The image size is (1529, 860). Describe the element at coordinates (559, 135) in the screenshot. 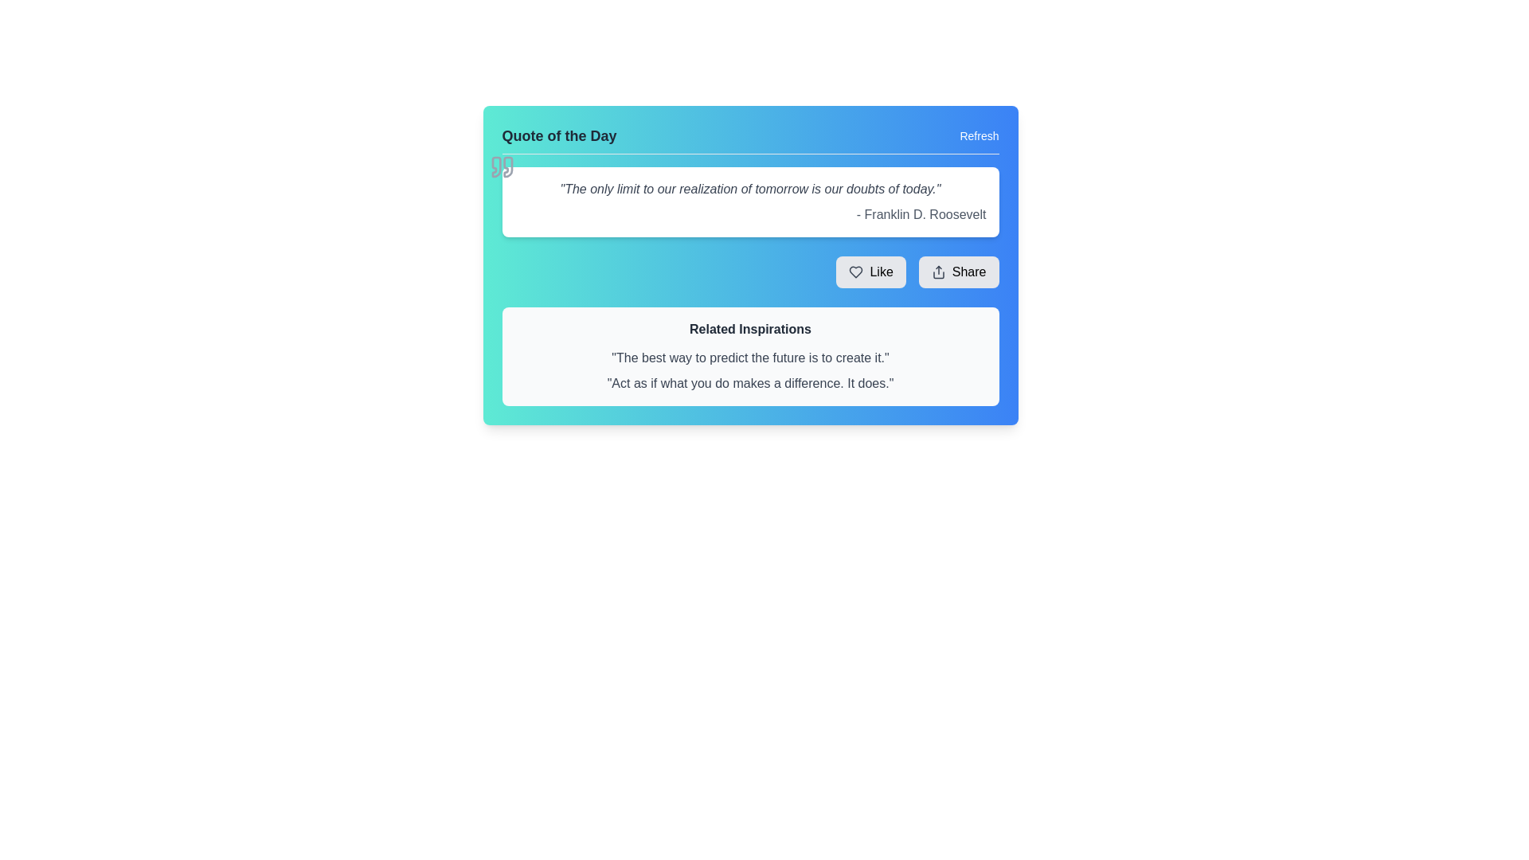

I see `the 'Quote of the Day' text label, which serves as the header for the content section and is positioned at the top-left corner before the 'Refresh' button` at that location.